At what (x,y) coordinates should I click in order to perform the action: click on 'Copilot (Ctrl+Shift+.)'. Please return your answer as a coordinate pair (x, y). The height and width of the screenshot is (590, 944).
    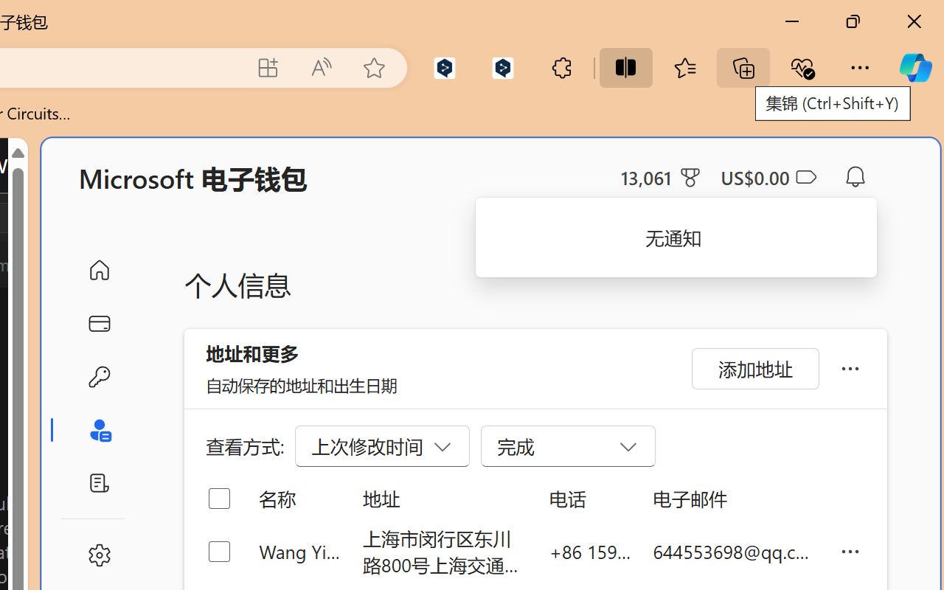
    Looking at the image, I should click on (914, 67).